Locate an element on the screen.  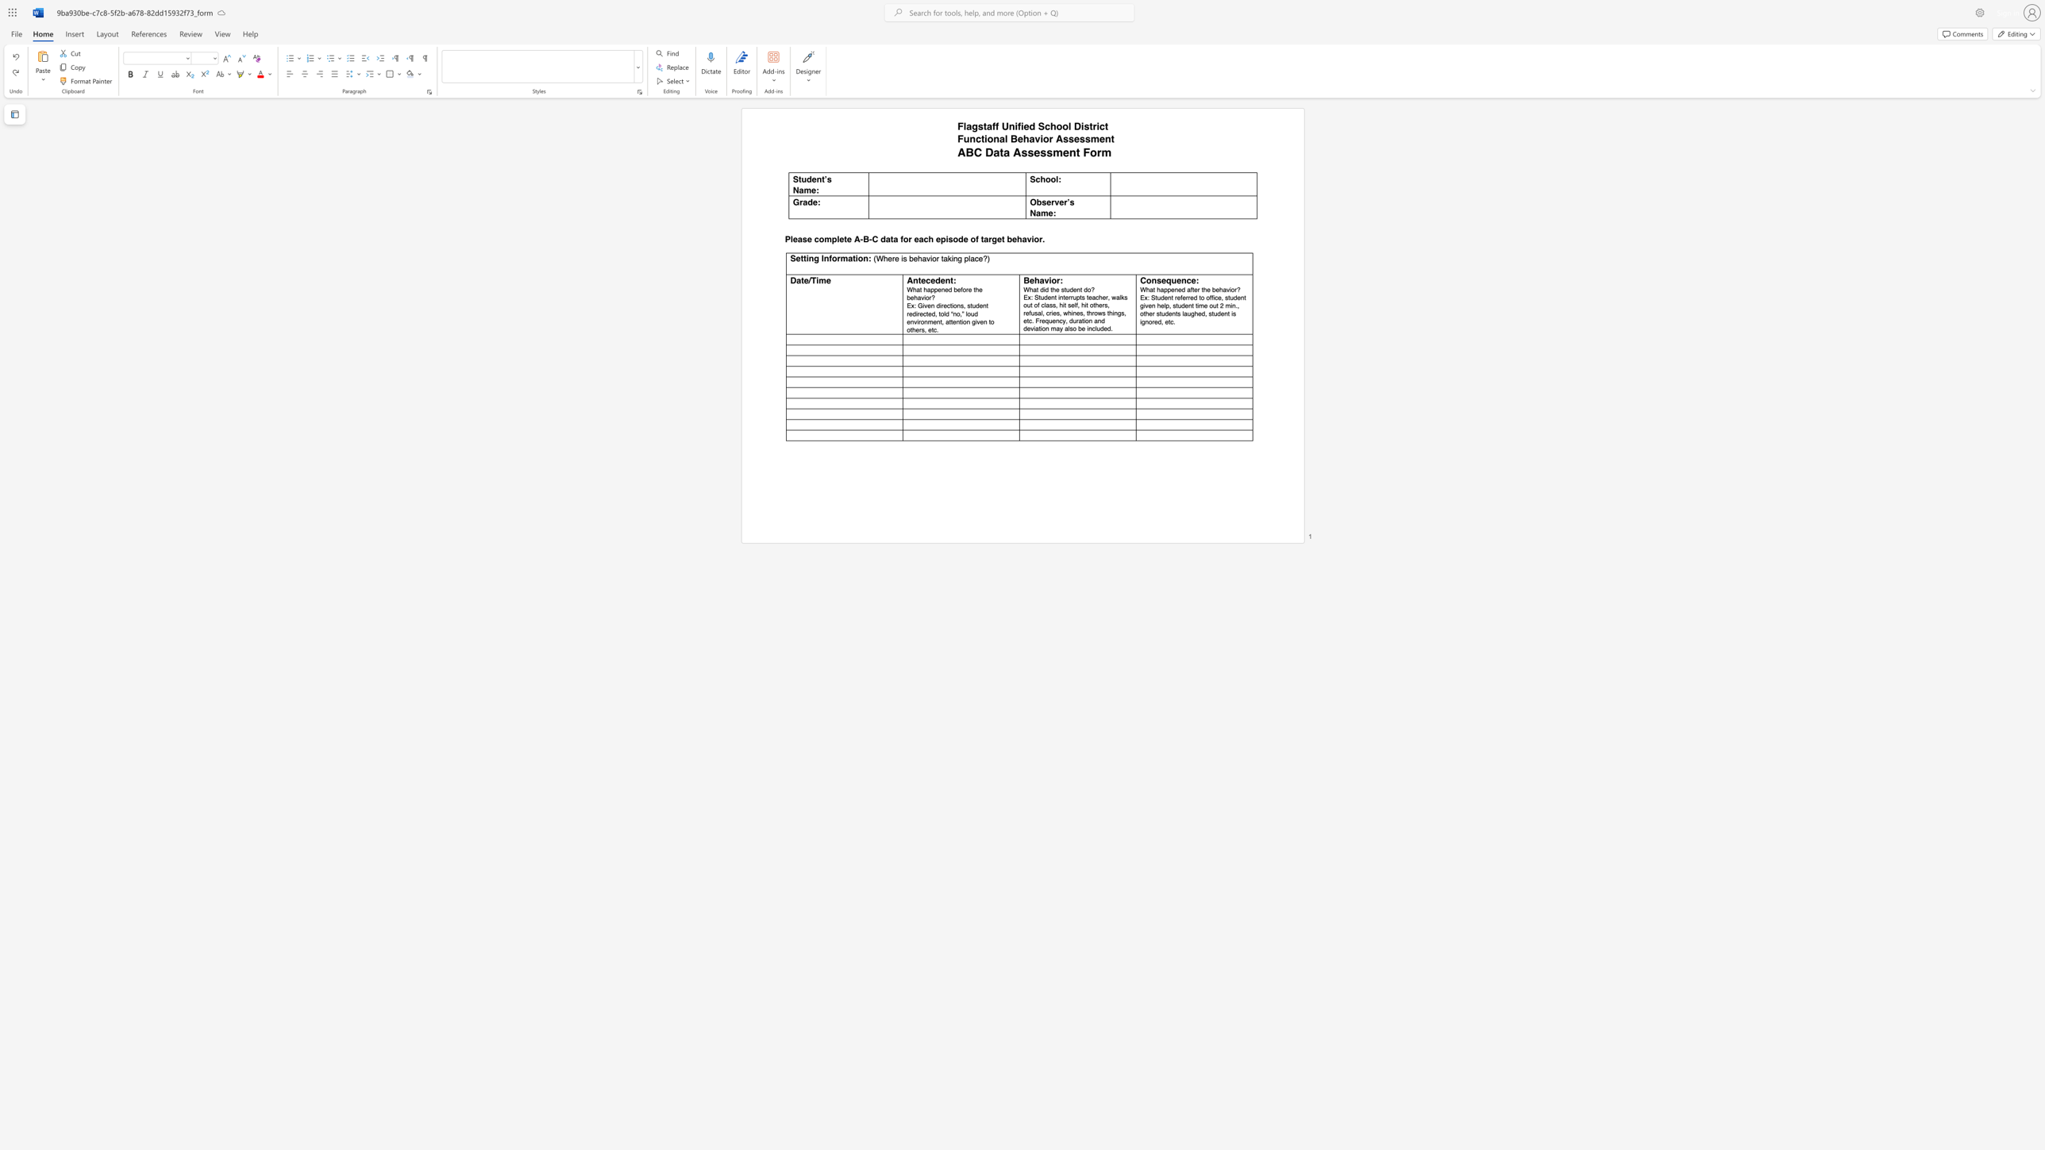
the subset text "ata As" within the text "ABC Data Assessment Form" is located at coordinates (992, 152).